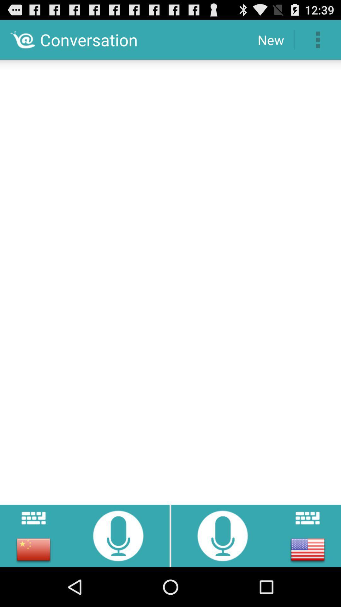 The width and height of the screenshot is (341, 607). Describe the element at coordinates (307, 518) in the screenshot. I see `english keyboard` at that location.